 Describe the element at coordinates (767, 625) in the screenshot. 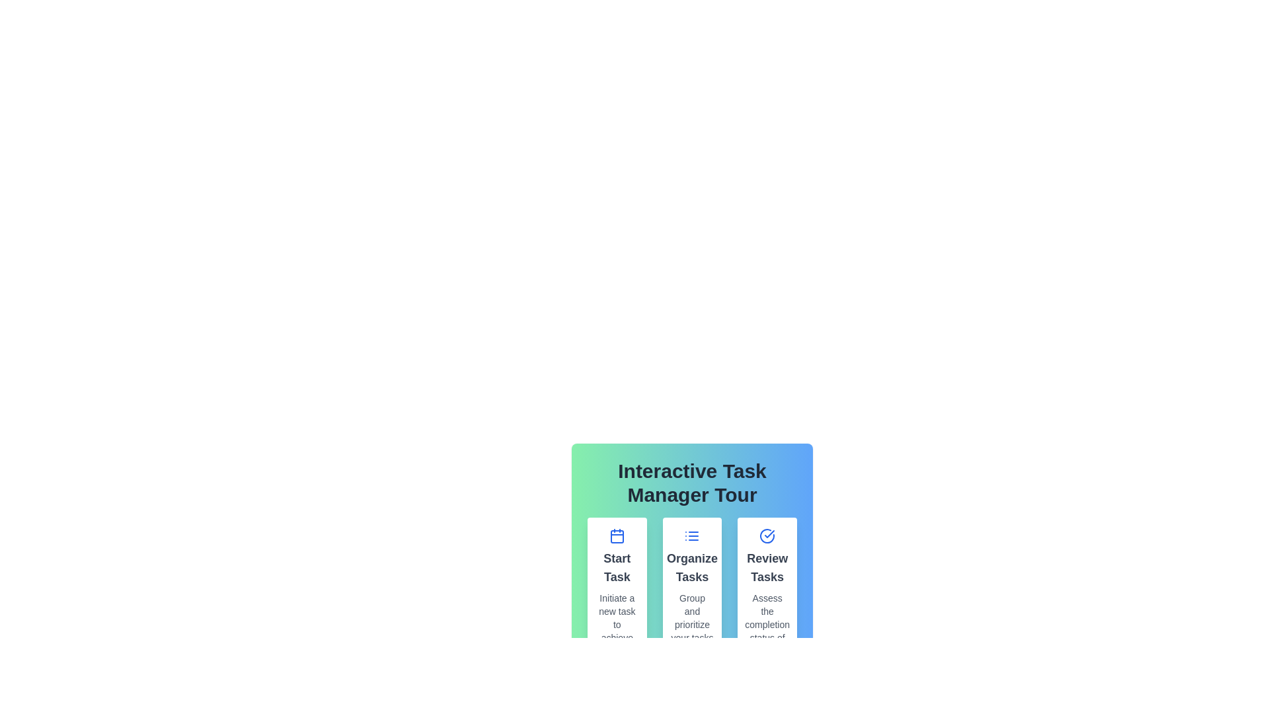

I see `the text label displaying 'Assess the completion status of your tasks.' located in the third card from the left, below the 'Review Tasks' heading` at that location.